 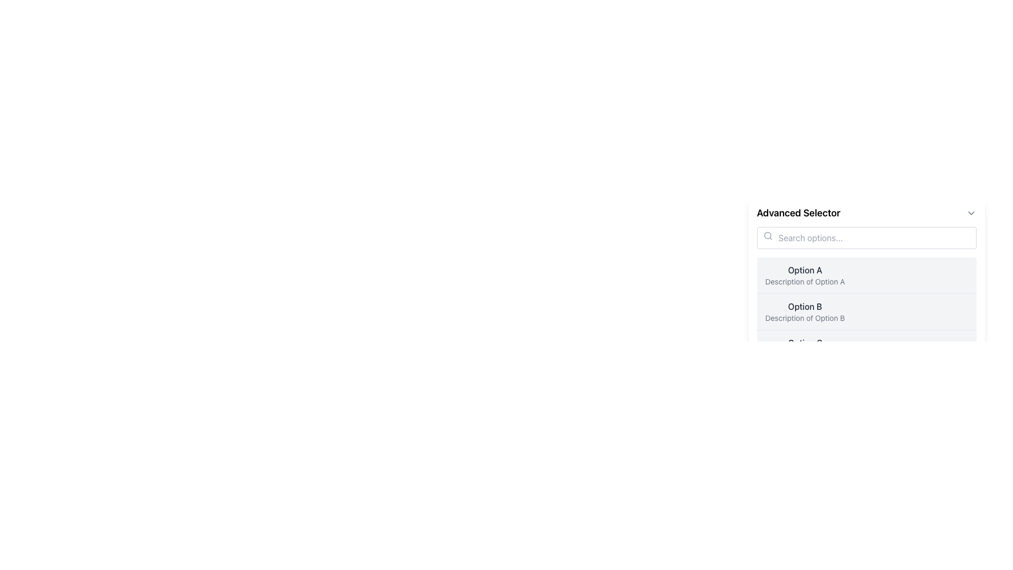 What do you see at coordinates (805, 307) in the screenshot?
I see `the second text label in the vertical list of options below the title 'Advanced Selector', which is located between 'Option A' and 'Option C'` at bounding box center [805, 307].